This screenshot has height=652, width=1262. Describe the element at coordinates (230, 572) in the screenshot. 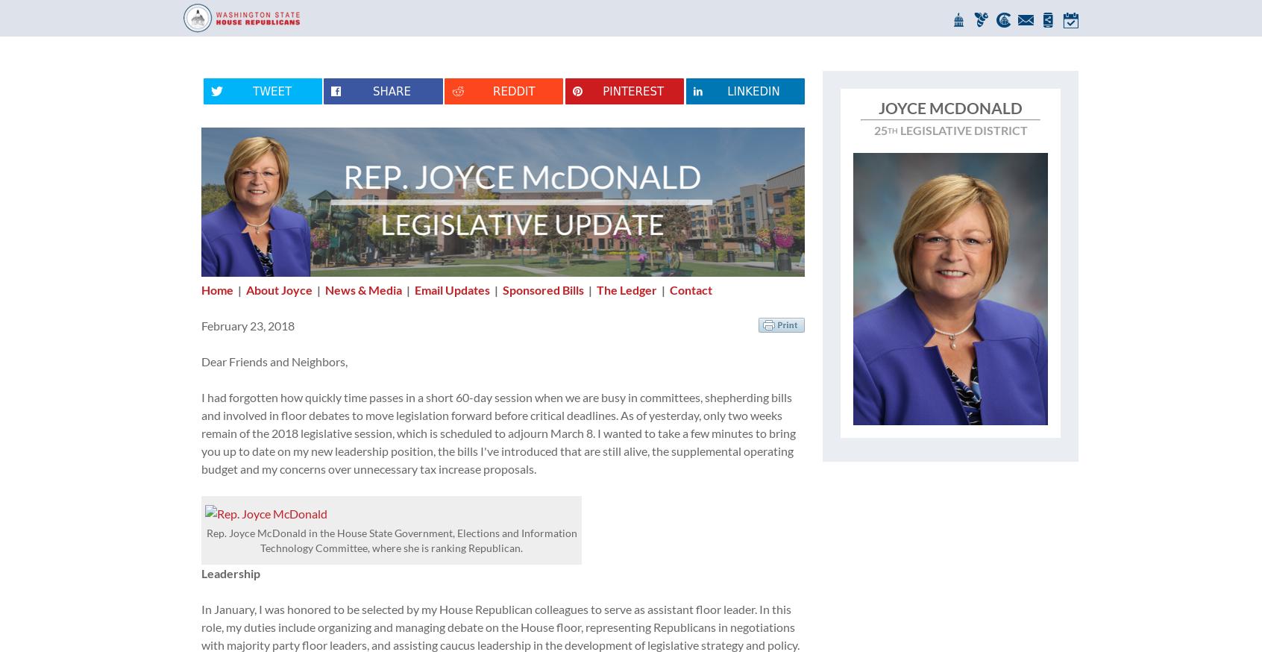

I see `'Leadership'` at that location.